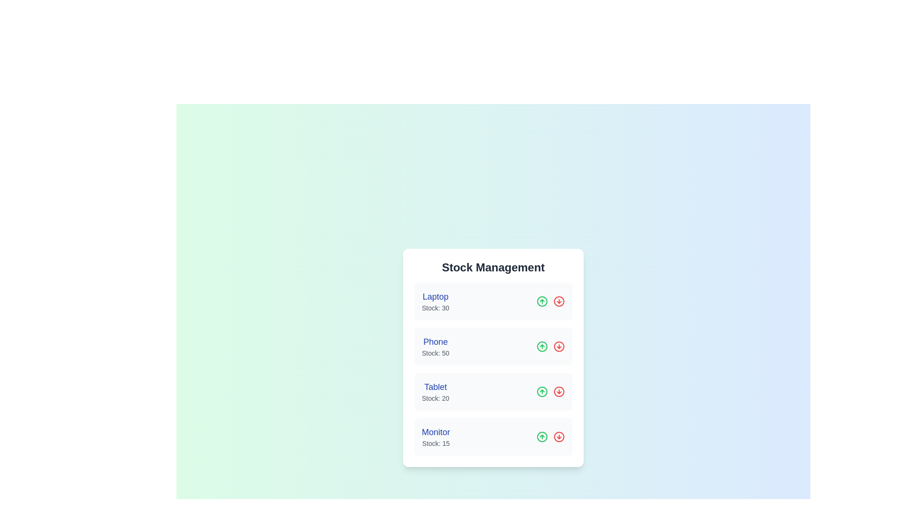  What do you see at coordinates (542, 437) in the screenshot?
I see `increment button for the product Monitor` at bounding box center [542, 437].